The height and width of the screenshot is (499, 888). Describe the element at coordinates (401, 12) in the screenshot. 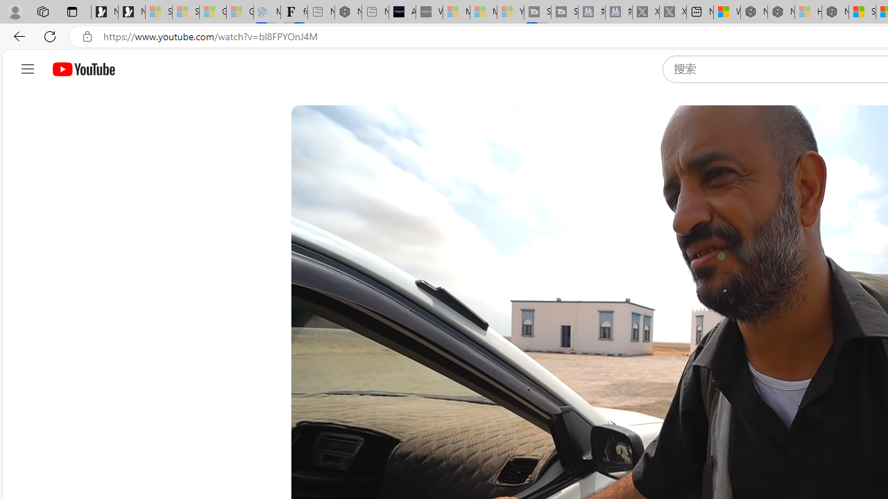

I see `'AI Voice Changer for PC and Mac - Voice.ai'` at that location.